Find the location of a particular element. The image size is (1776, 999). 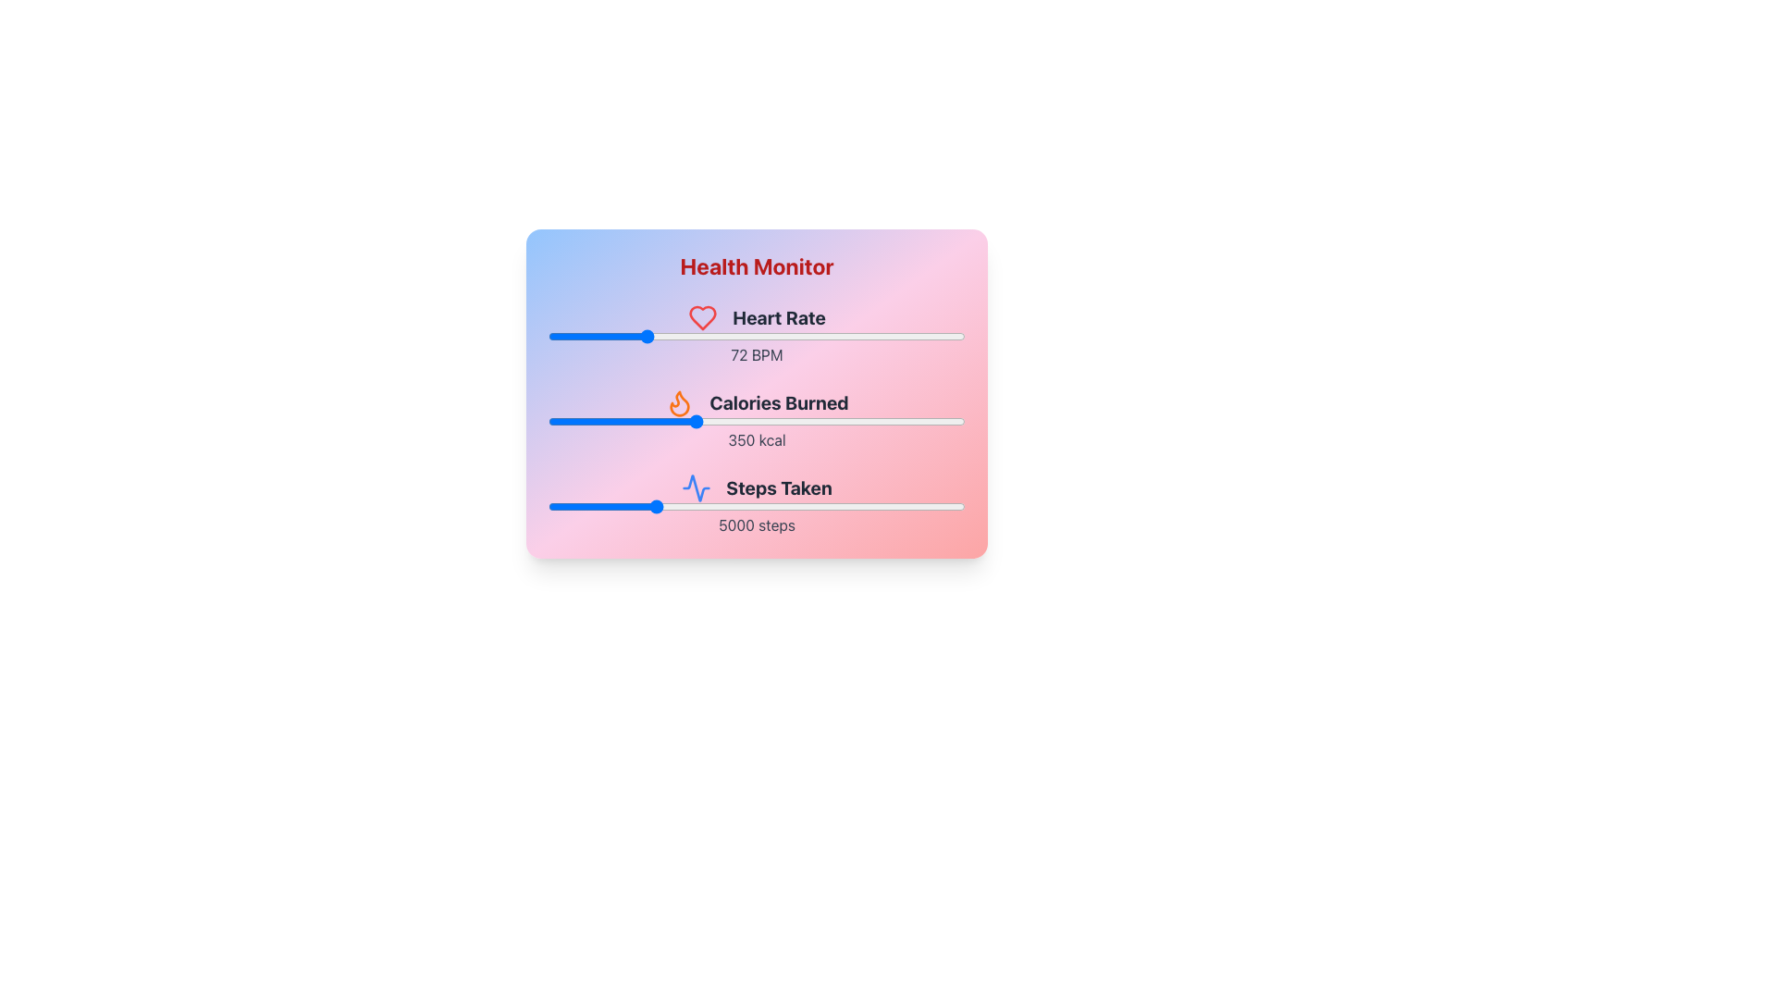

calories burned is located at coordinates (880, 421).